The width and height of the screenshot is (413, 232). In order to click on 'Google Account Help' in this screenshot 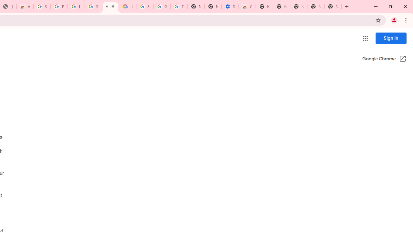, I will do `click(162, 6)`.